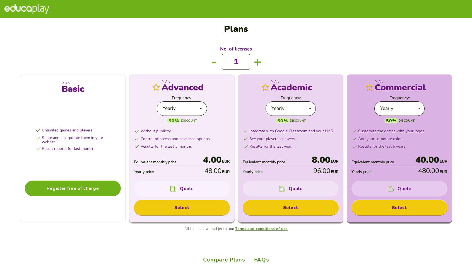  What do you see at coordinates (340, 18) in the screenshot?
I see `'Academic'` at bounding box center [340, 18].